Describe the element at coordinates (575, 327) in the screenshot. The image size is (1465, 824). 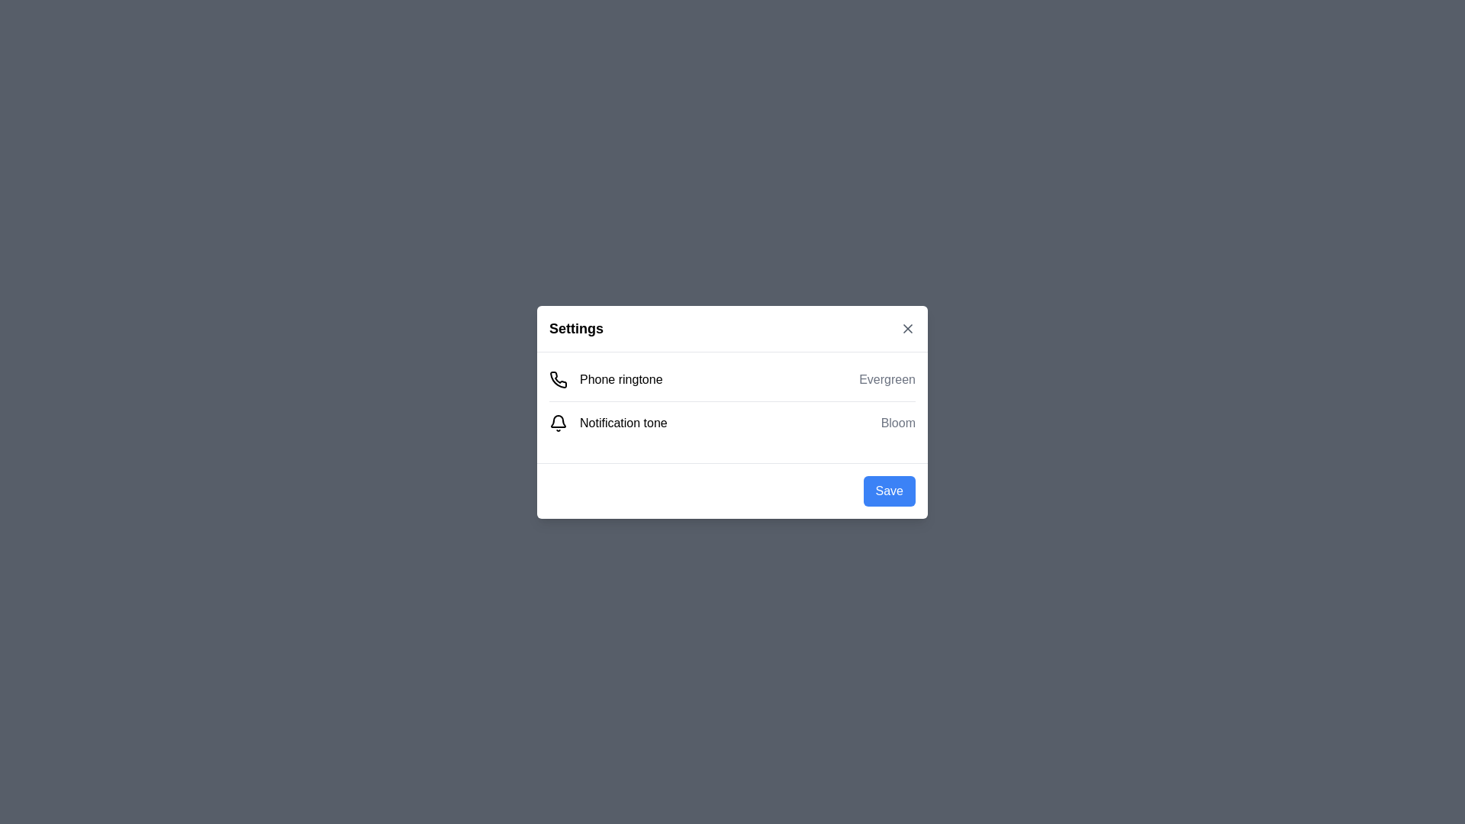
I see `the 'Settings' static text label, which is prominently displayed in bold at the upper-left section of the modal window` at that location.